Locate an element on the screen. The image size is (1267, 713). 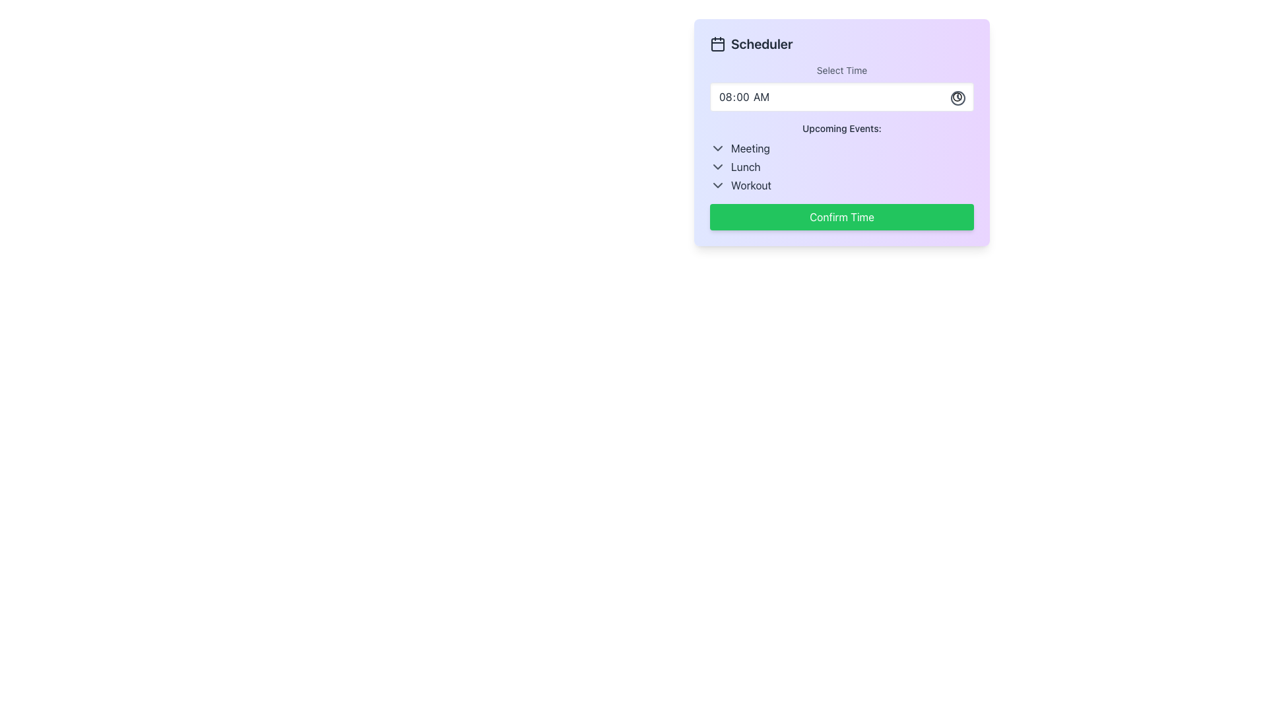
the small rectangle with rounded corners that resembles a calendar date cell, located within the calendar icon to the left of the 'Scheduler' header text is located at coordinates (717, 44).